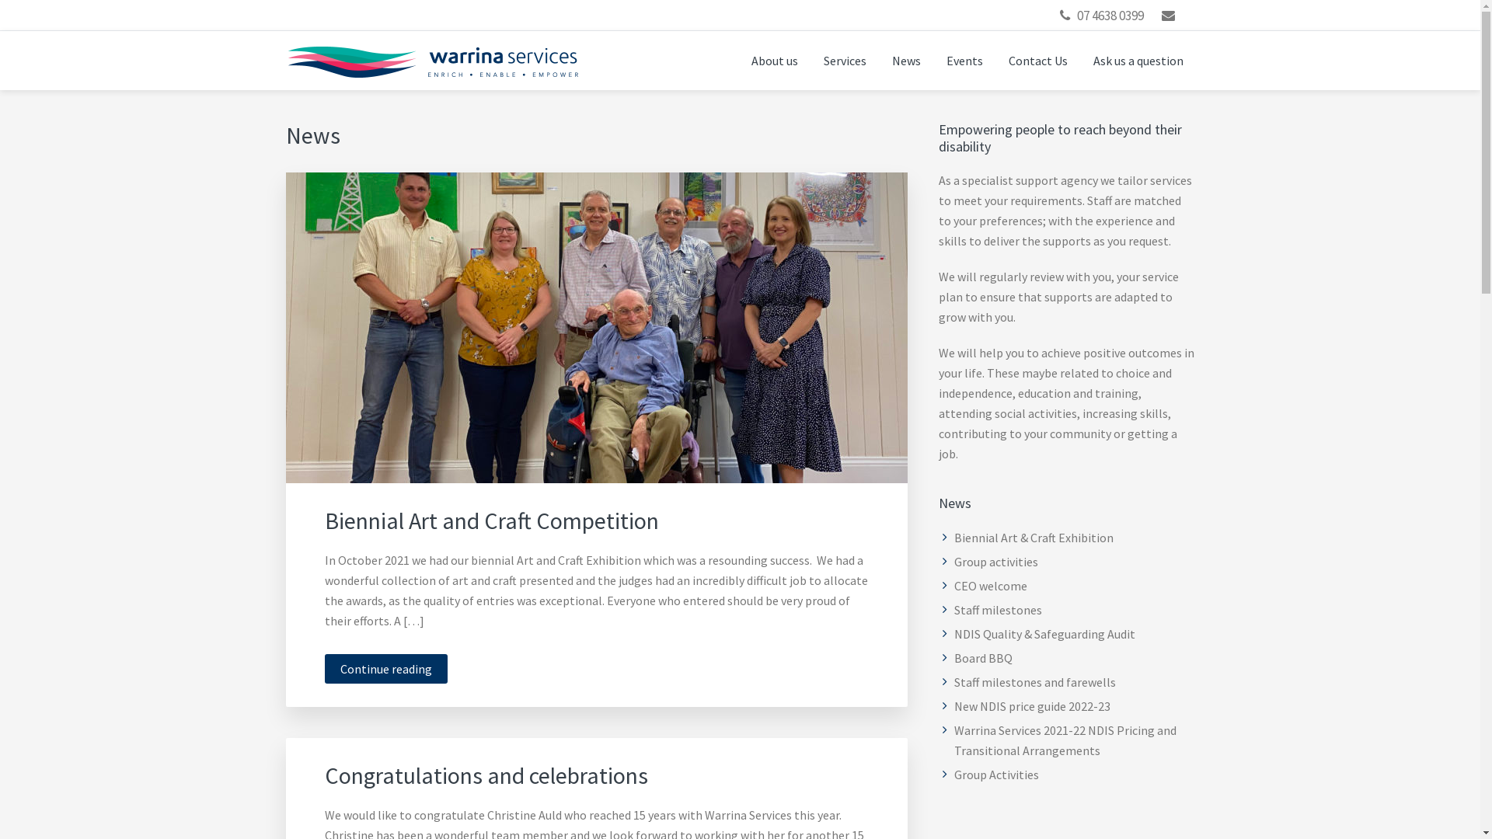 This screenshot has height=839, width=1492. Describe the element at coordinates (996, 774) in the screenshot. I see `'Group Activities'` at that location.